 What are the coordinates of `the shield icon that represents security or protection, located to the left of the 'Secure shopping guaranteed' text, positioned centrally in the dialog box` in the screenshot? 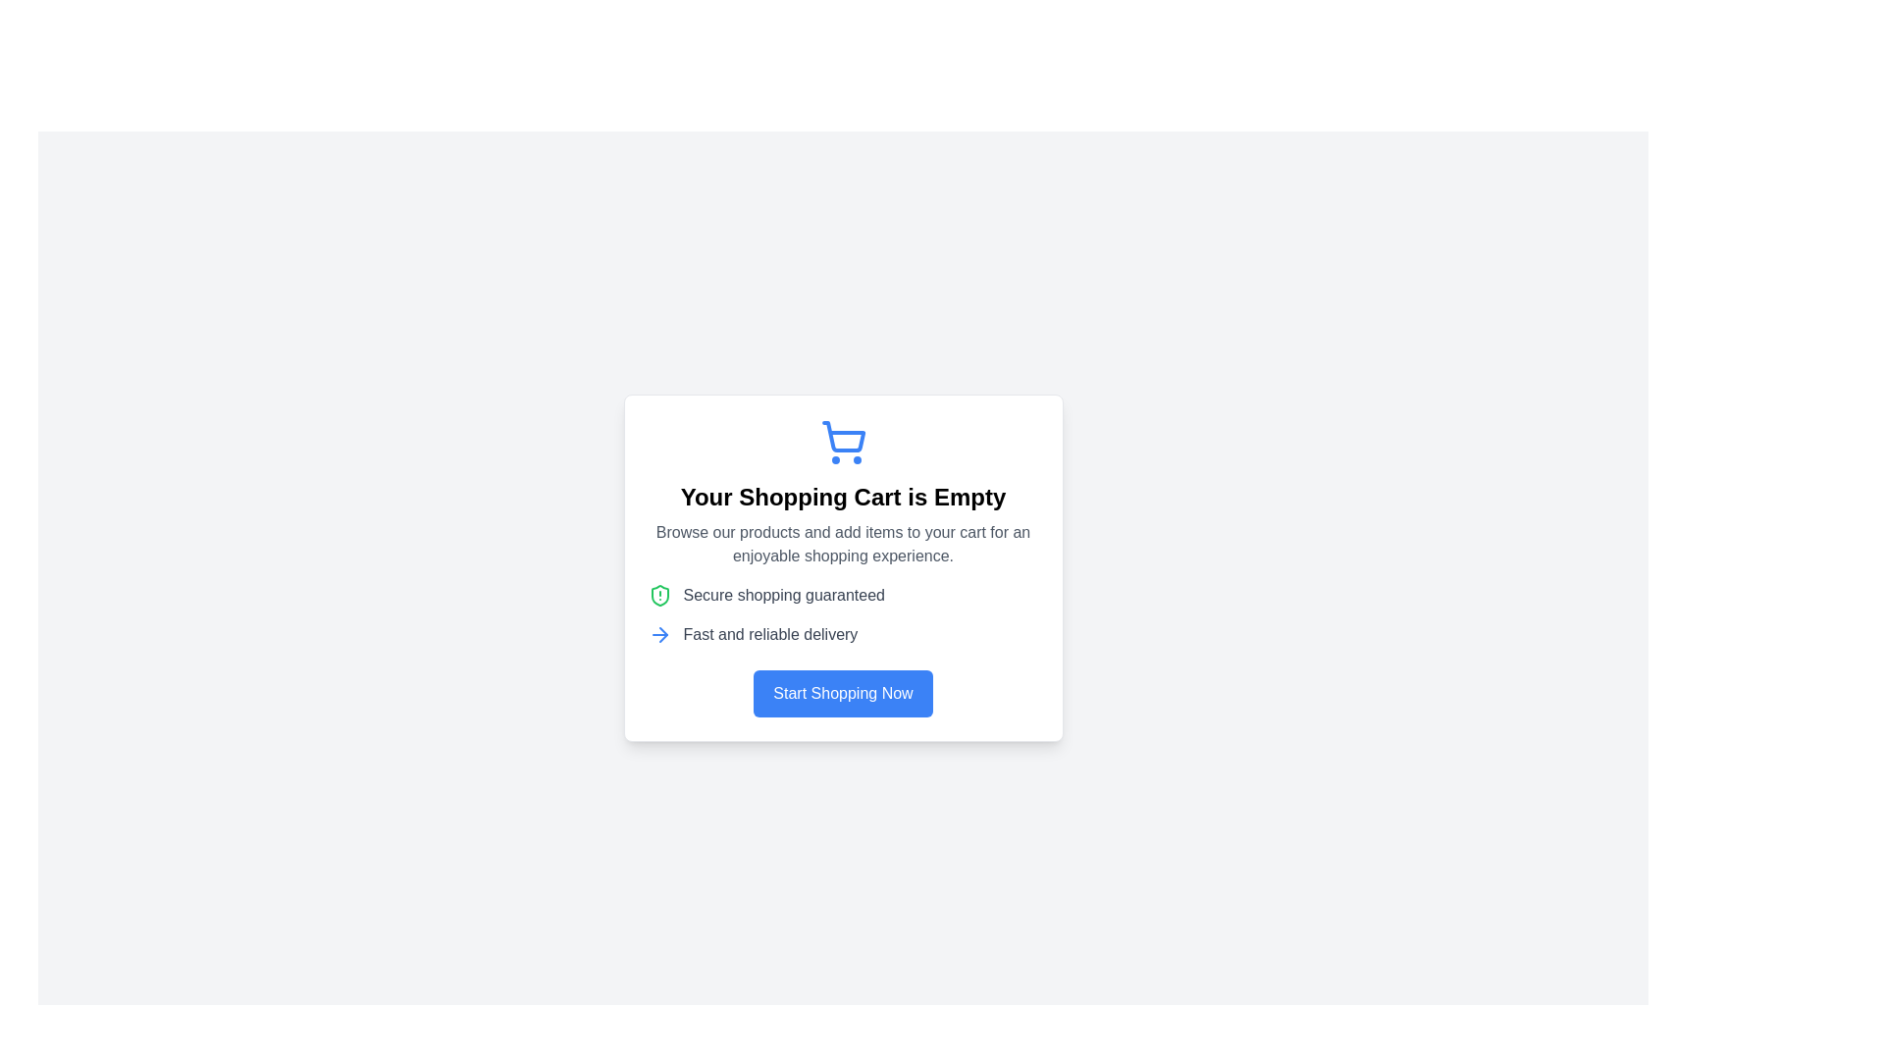 It's located at (659, 594).